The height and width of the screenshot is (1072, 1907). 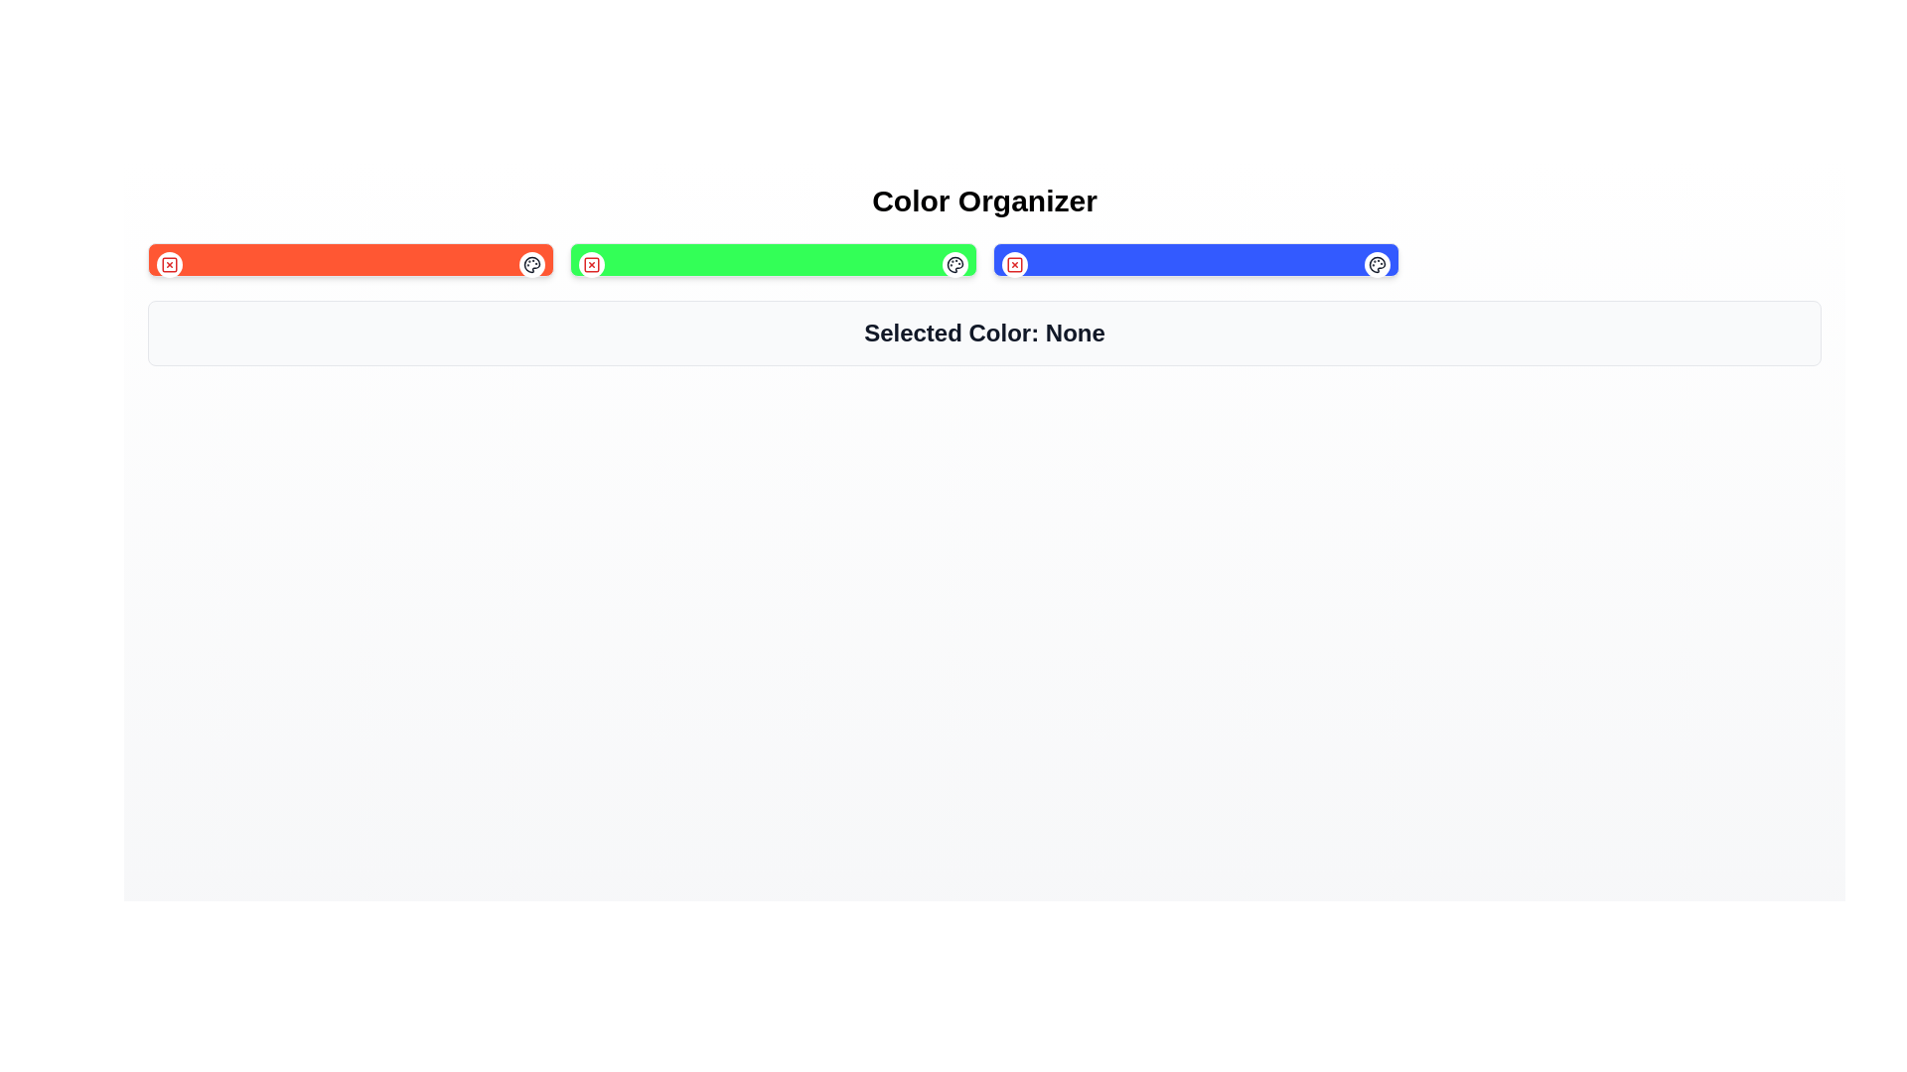 I want to click on the contained items within or out of the grid layout located below the 'Color Organizer' heading and above 'Selected Color: None', so click(x=984, y=259).